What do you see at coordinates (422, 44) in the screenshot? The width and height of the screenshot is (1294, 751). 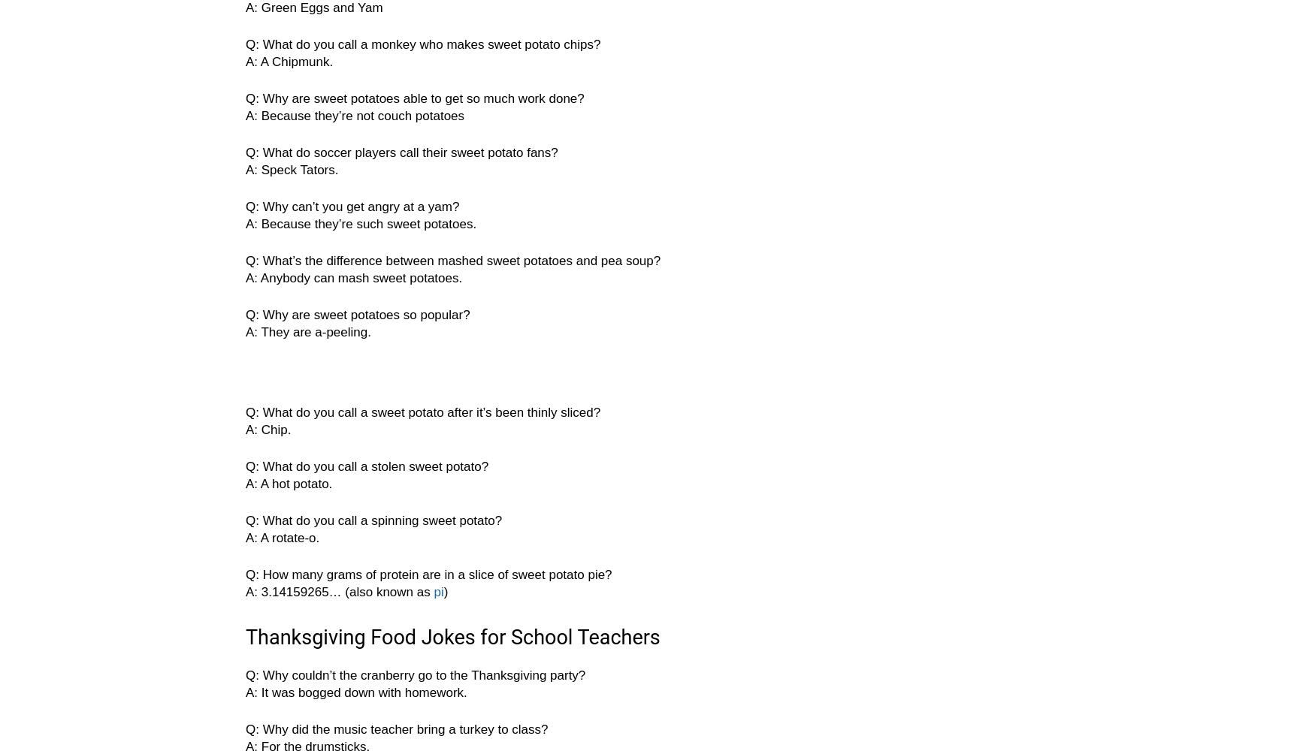 I see `'Q: What do you call a monkey who makes sweet potato chips?'` at bounding box center [422, 44].